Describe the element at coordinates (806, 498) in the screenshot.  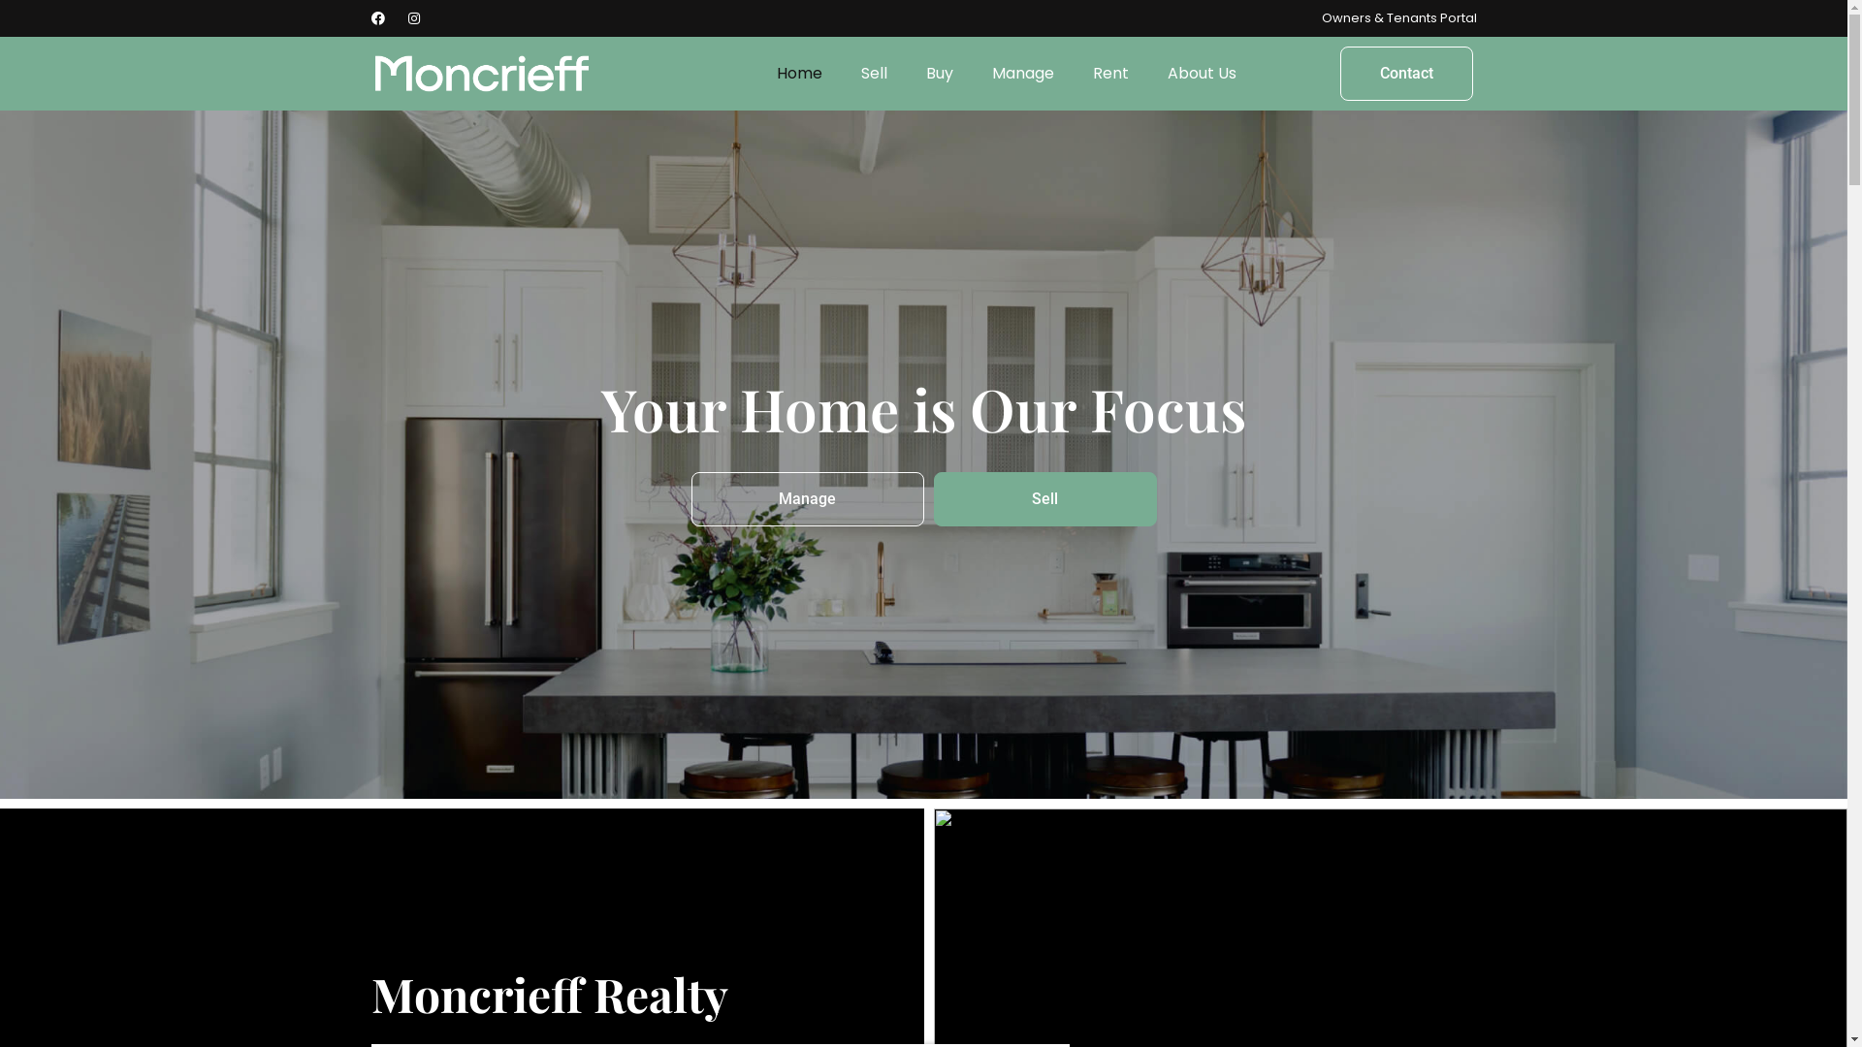
I see `'Manage'` at that location.